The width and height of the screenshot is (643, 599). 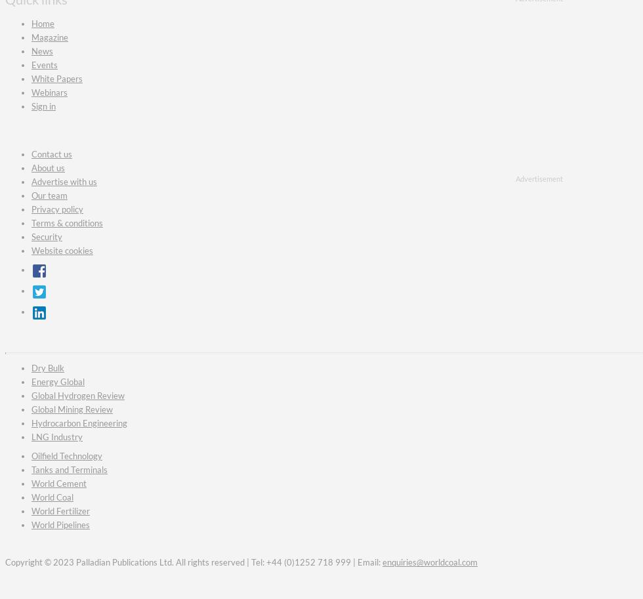 I want to click on 'Terms & conditions', so click(x=67, y=223).